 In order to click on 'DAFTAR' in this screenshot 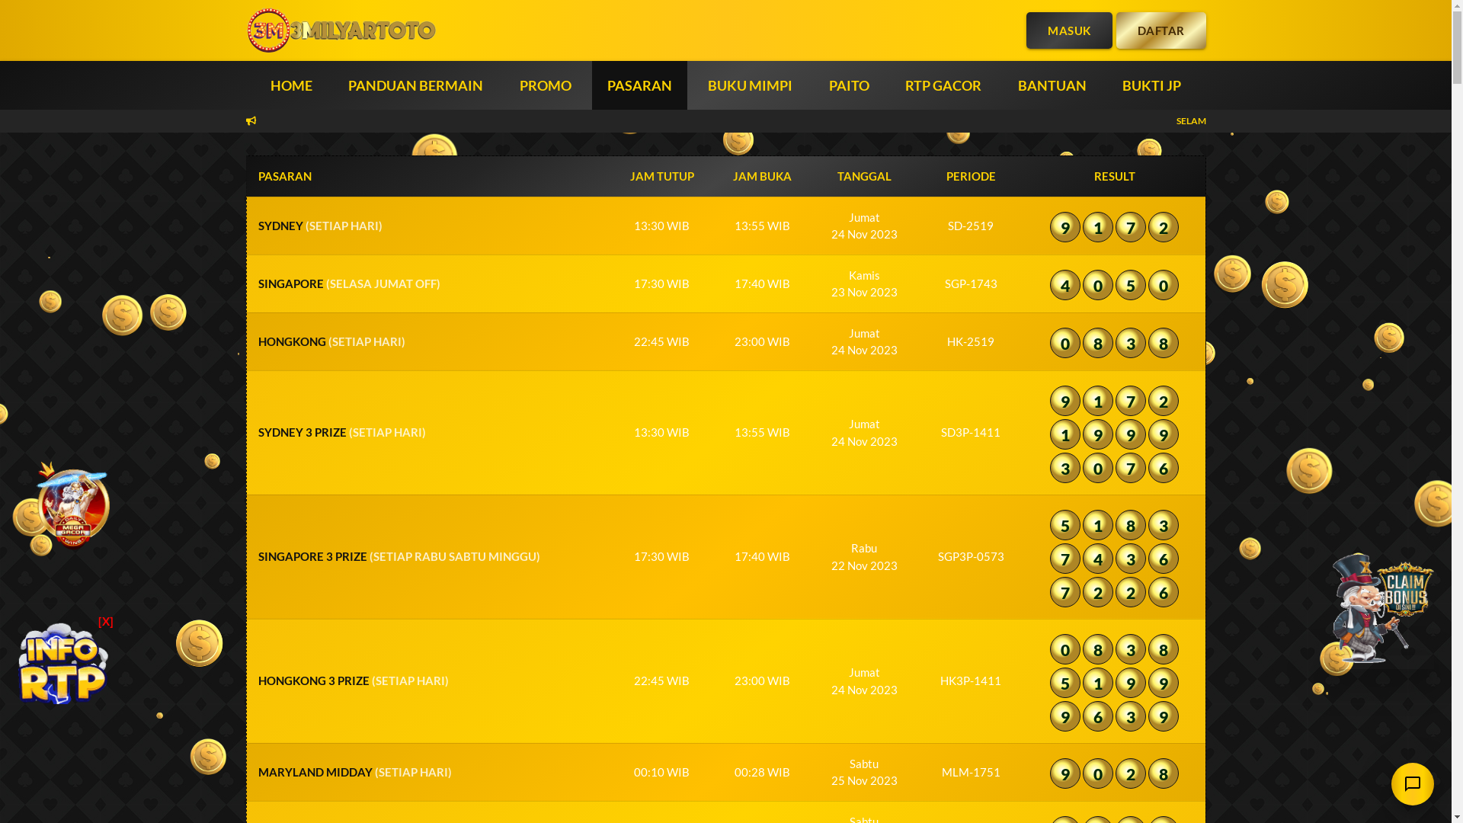, I will do `click(1159, 30)`.